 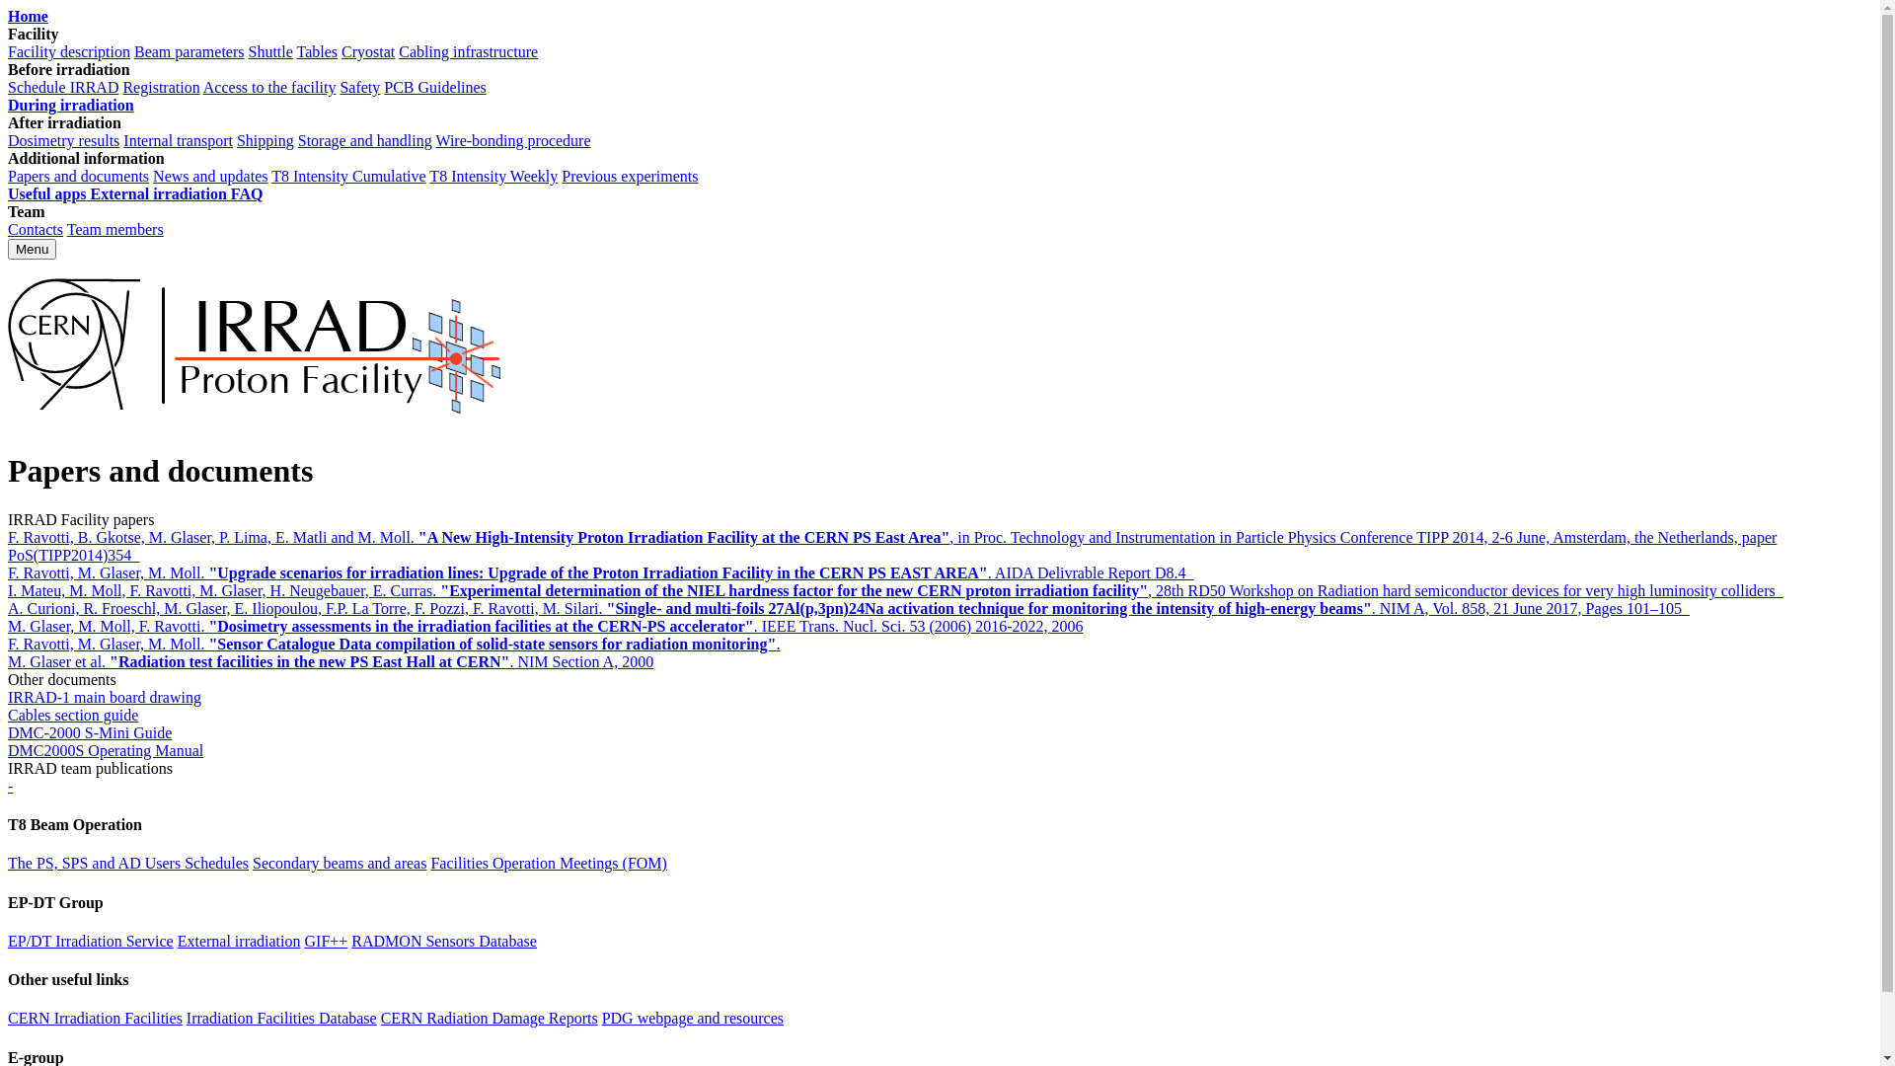 What do you see at coordinates (69, 50) in the screenshot?
I see `'Facility description'` at bounding box center [69, 50].